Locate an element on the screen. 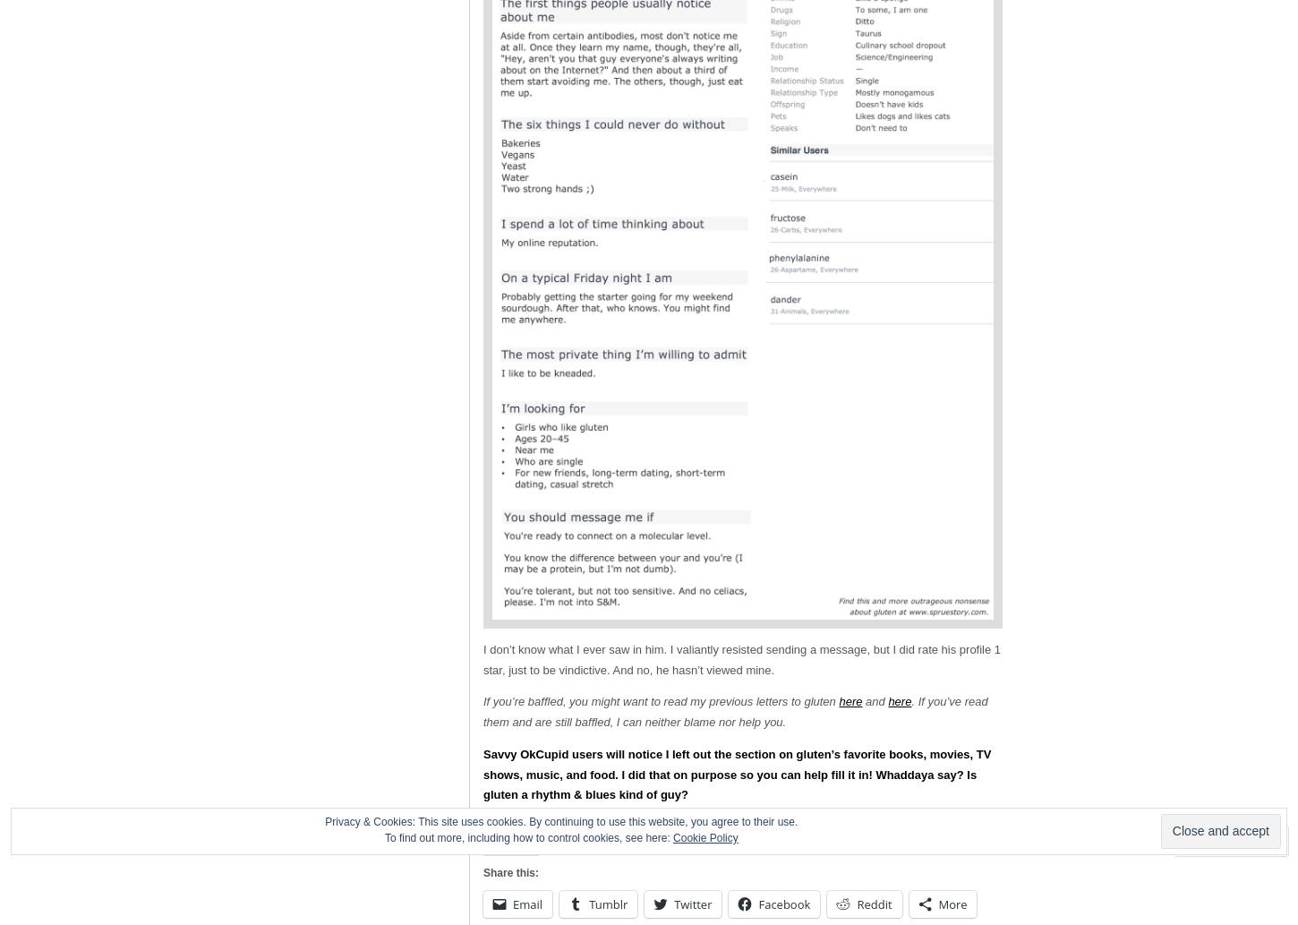 The image size is (1298, 925). '* “Bready for love” profile photo ©' is located at coordinates (570, 826).